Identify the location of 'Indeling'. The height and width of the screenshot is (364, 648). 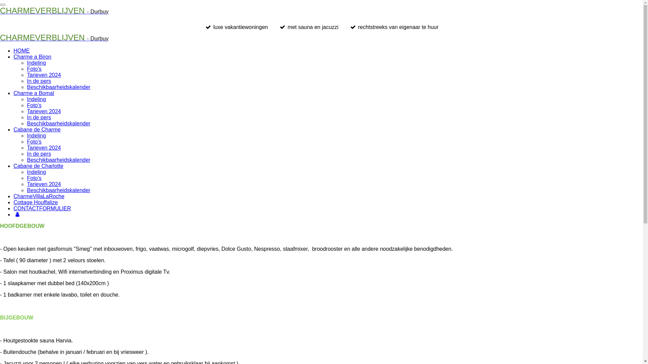
(36, 99).